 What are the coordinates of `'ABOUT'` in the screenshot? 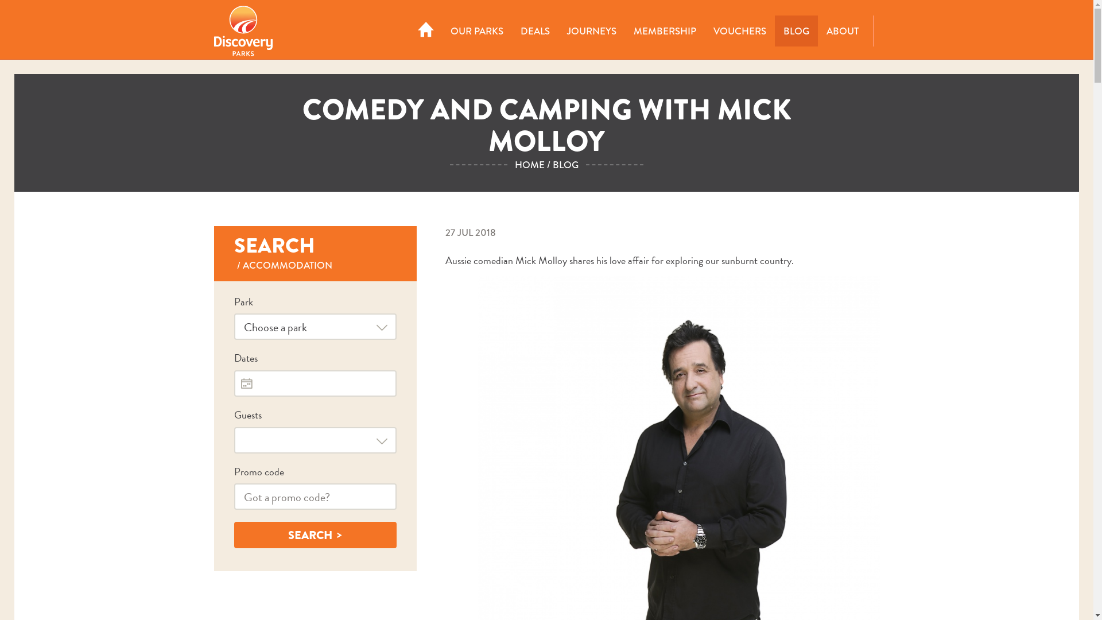 It's located at (842, 30).